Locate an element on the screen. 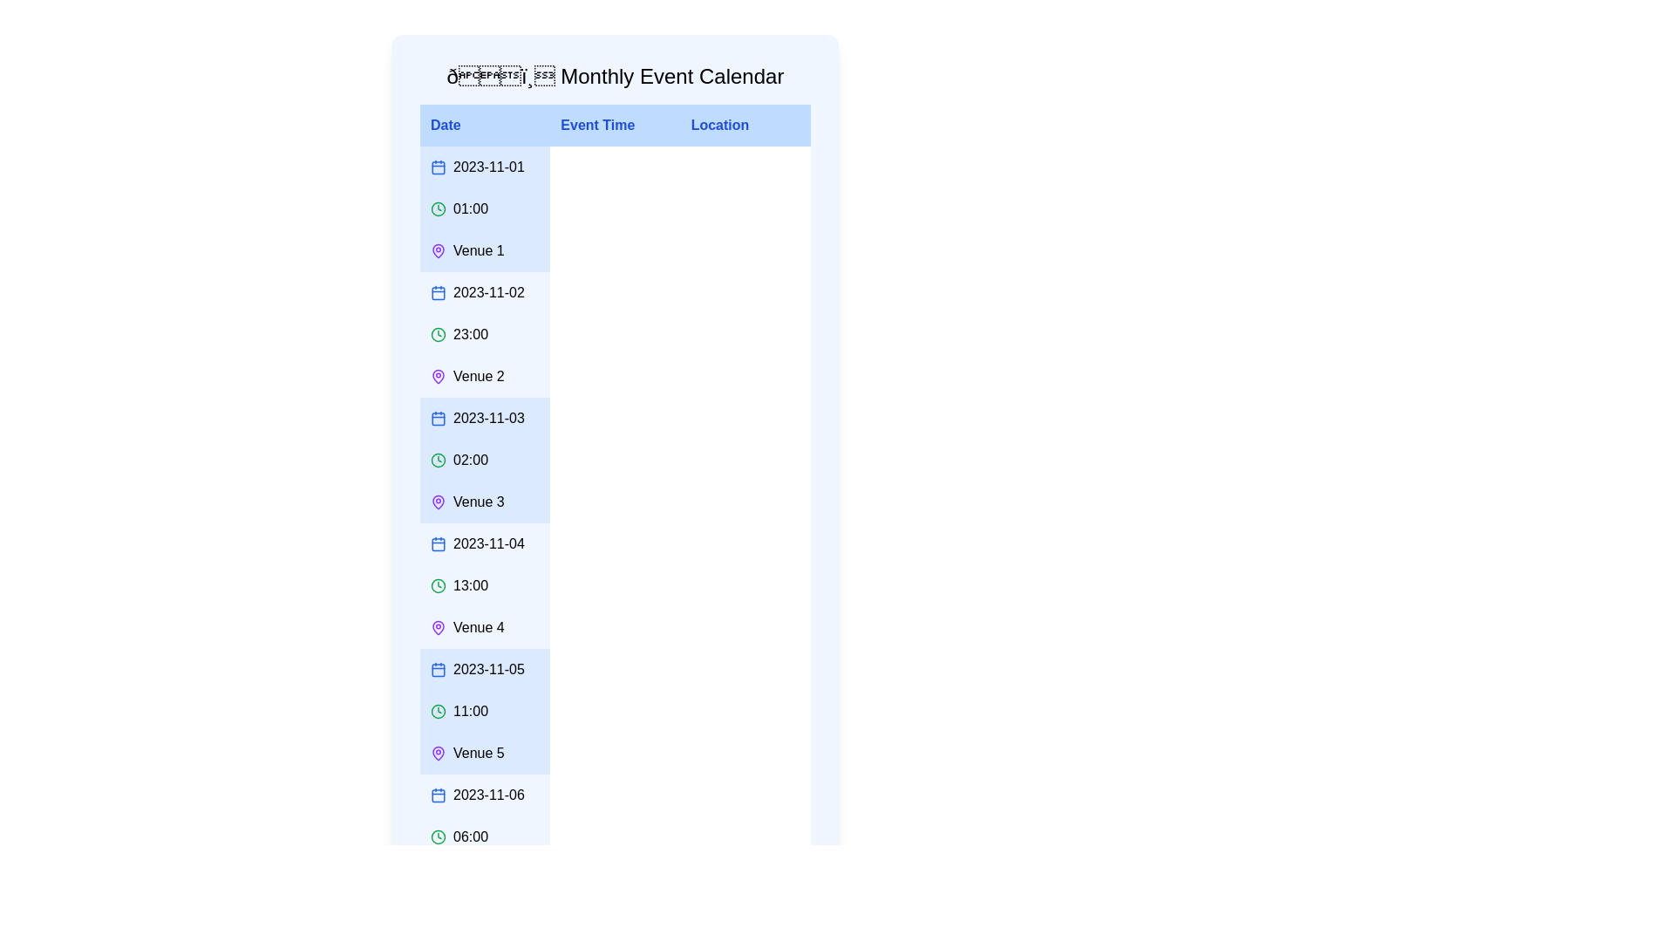 The width and height of the screenshot is (1674, 942). the row corresponding to the event on 2023-11-02 is located at coordinates (615, 335).